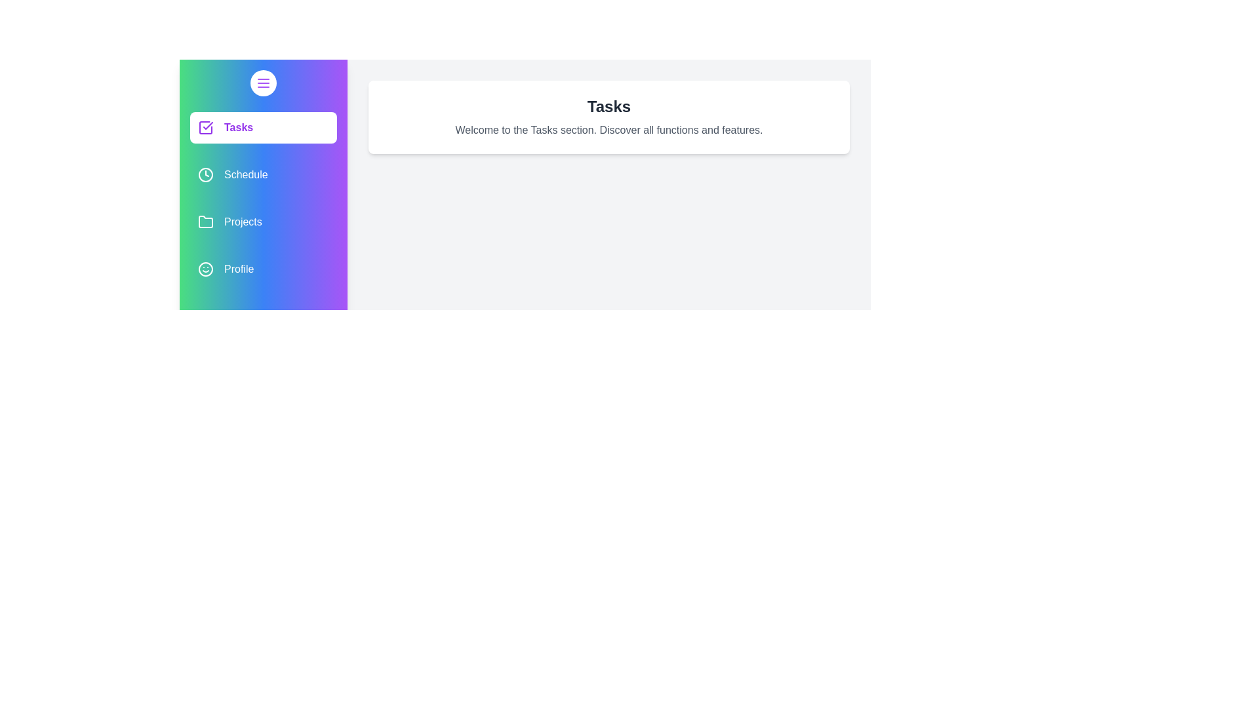 Image resolution: width=1259 pixels, height=708 pixels. What do you see at coordinates (263, 83) in the screenshot?
I see `the menu button to toggle the drawer's open/close state` at bounding box center [263, 83].